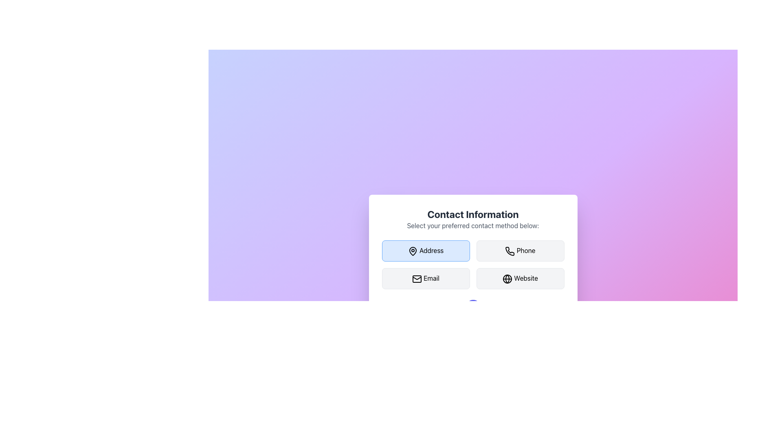 This screenshot has height=440, width=782. Describe the element at coordinates (510, 251) in the screenshot. I see `the phone icon located inside the 'Phone' button in the top-right corner of the button grid, provided that the button is interactive` at that location.